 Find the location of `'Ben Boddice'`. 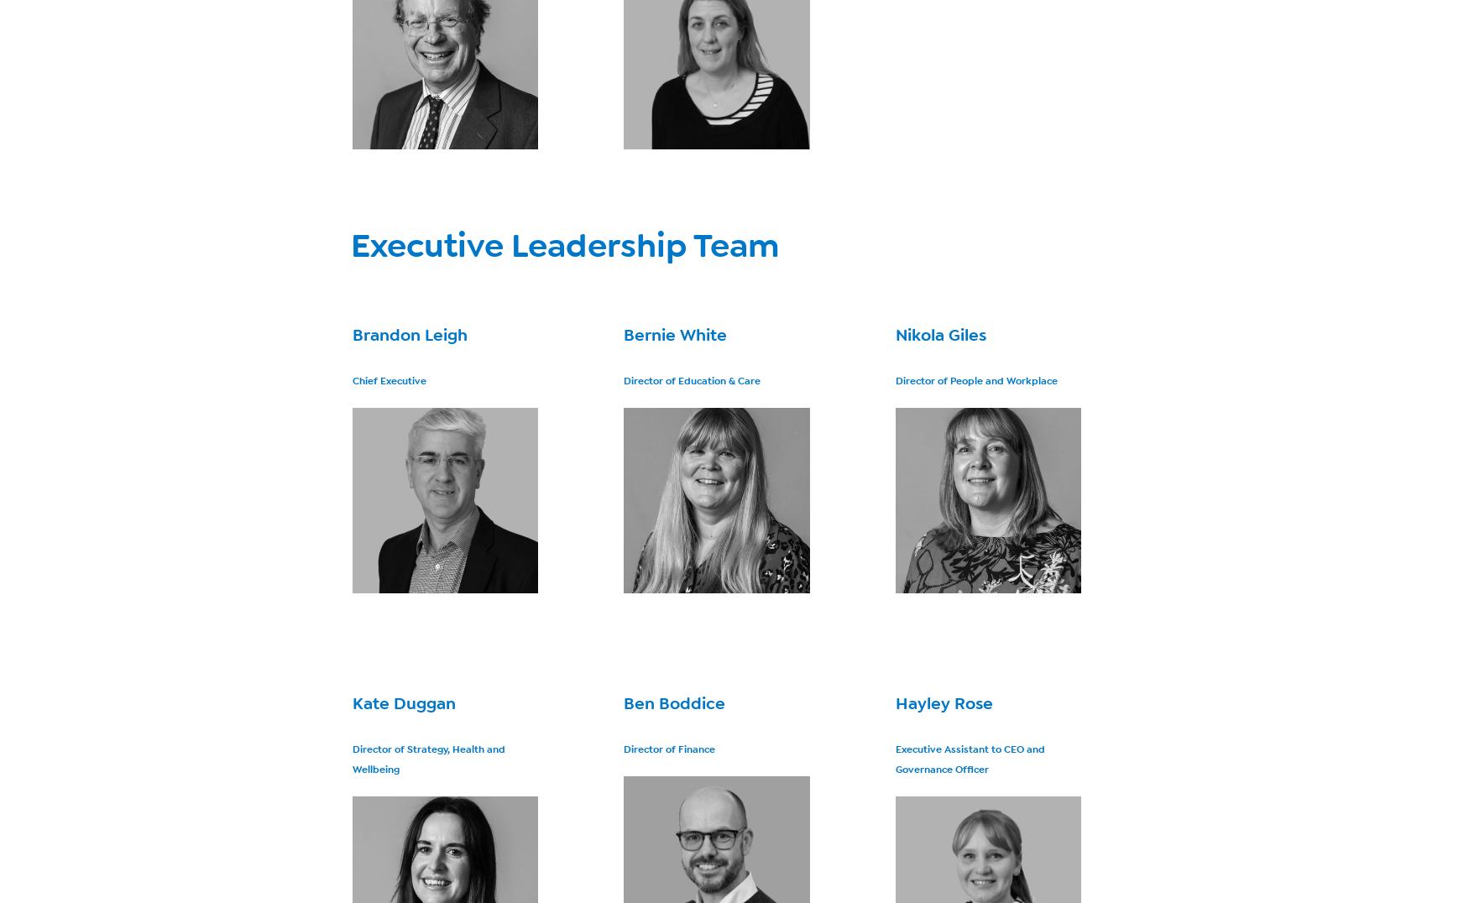

'Ben Boddice' is located at coordinates (624, 702).